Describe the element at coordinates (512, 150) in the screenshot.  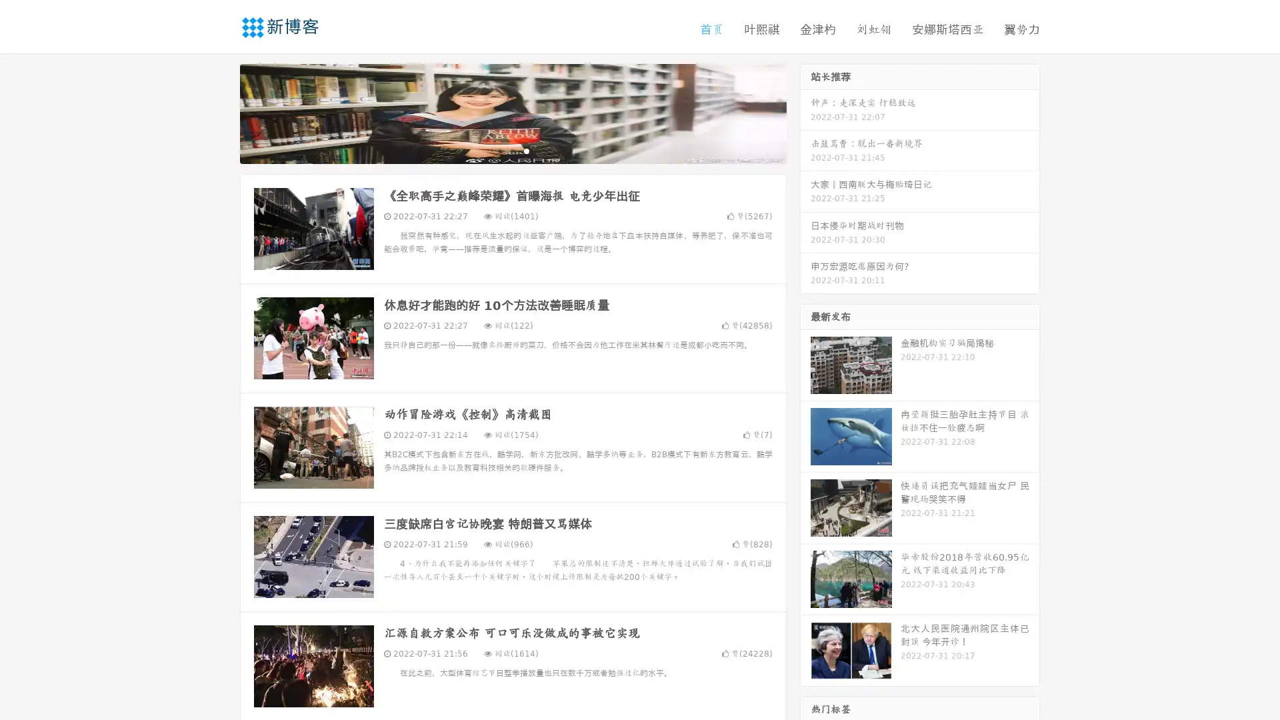
I see `Go to slide 2` at that location.